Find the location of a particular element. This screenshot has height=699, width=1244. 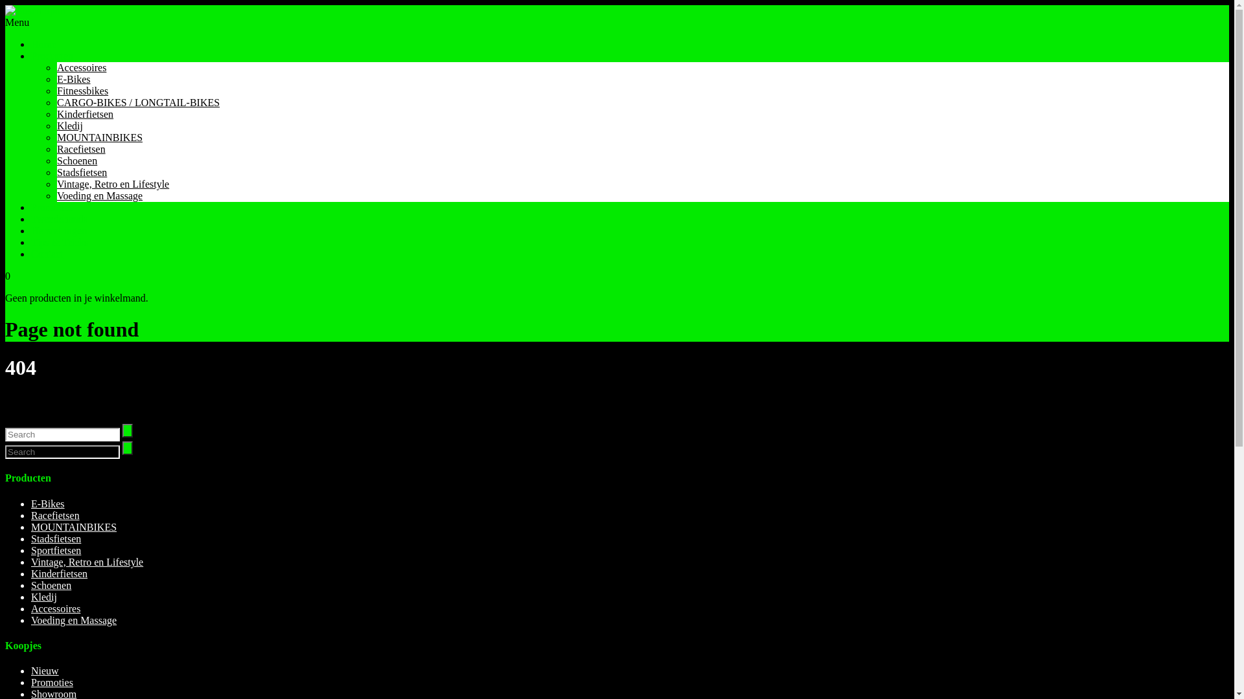

'MOUNTAINBIKES' is located at coordinates (98, 137).